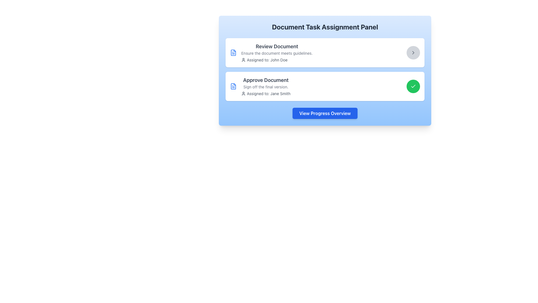  Describe the element at coordinates (233, 86) in the screenshot. I see `the document icon with a blue-themed outline representing the 'Approve Document' task, located in the second row of the document assignment list` at that location.